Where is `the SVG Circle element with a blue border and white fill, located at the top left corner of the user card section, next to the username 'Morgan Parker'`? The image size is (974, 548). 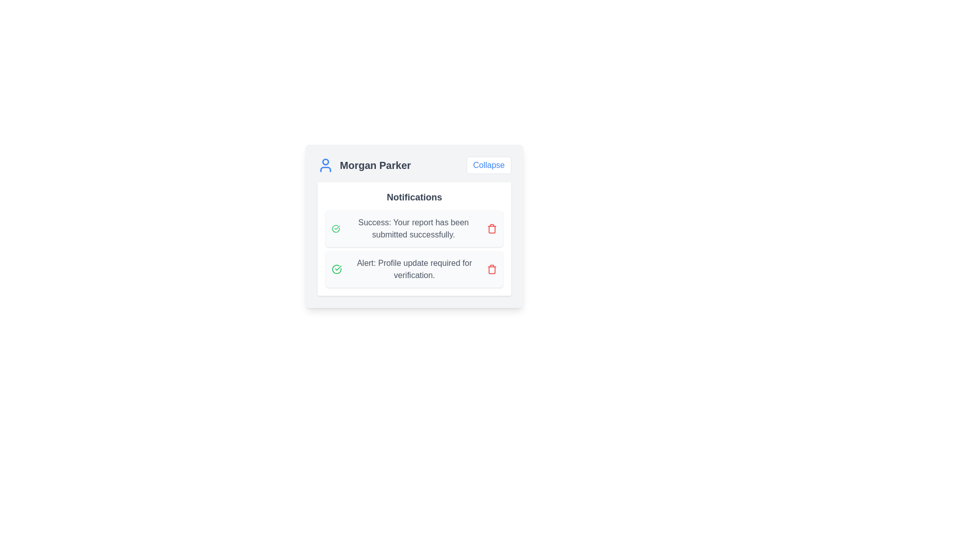 the SVG Circle element with a blue border and white fill, located at the top left corner of the user card section, next to the username 'Morgan Parker' is located at coordinates (326, 161).